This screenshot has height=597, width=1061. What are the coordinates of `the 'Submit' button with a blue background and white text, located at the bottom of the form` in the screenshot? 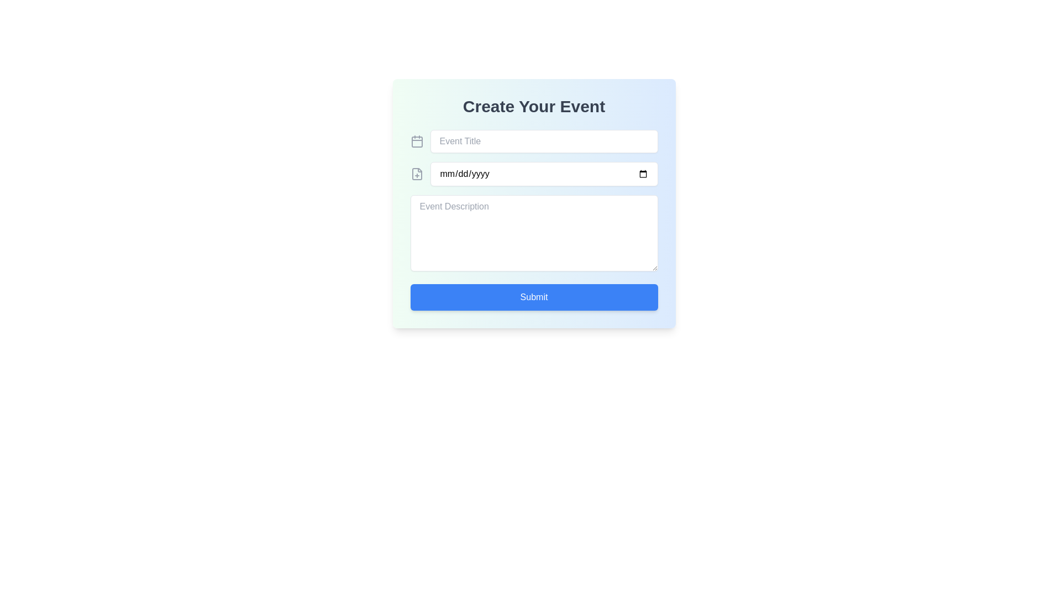 It's located at (534, 296).